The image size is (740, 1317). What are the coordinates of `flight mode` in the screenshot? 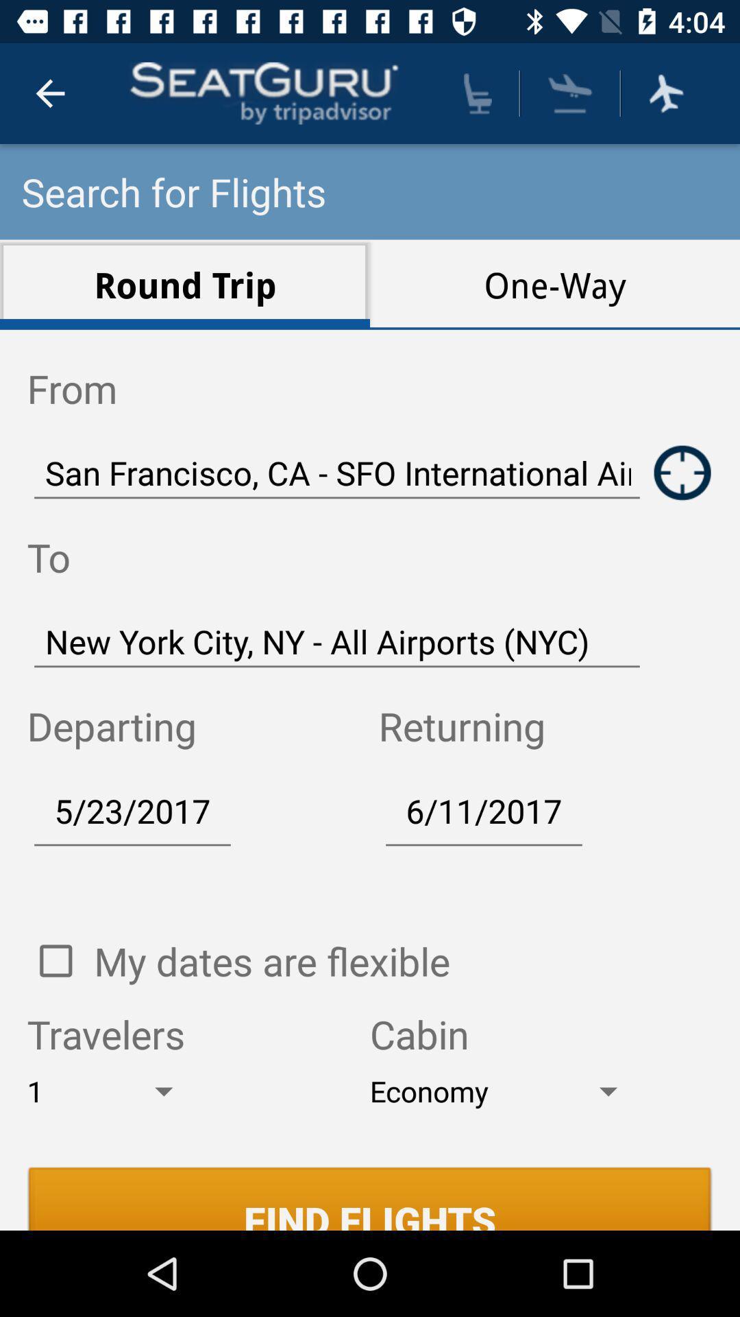 It's located at (665, 93).